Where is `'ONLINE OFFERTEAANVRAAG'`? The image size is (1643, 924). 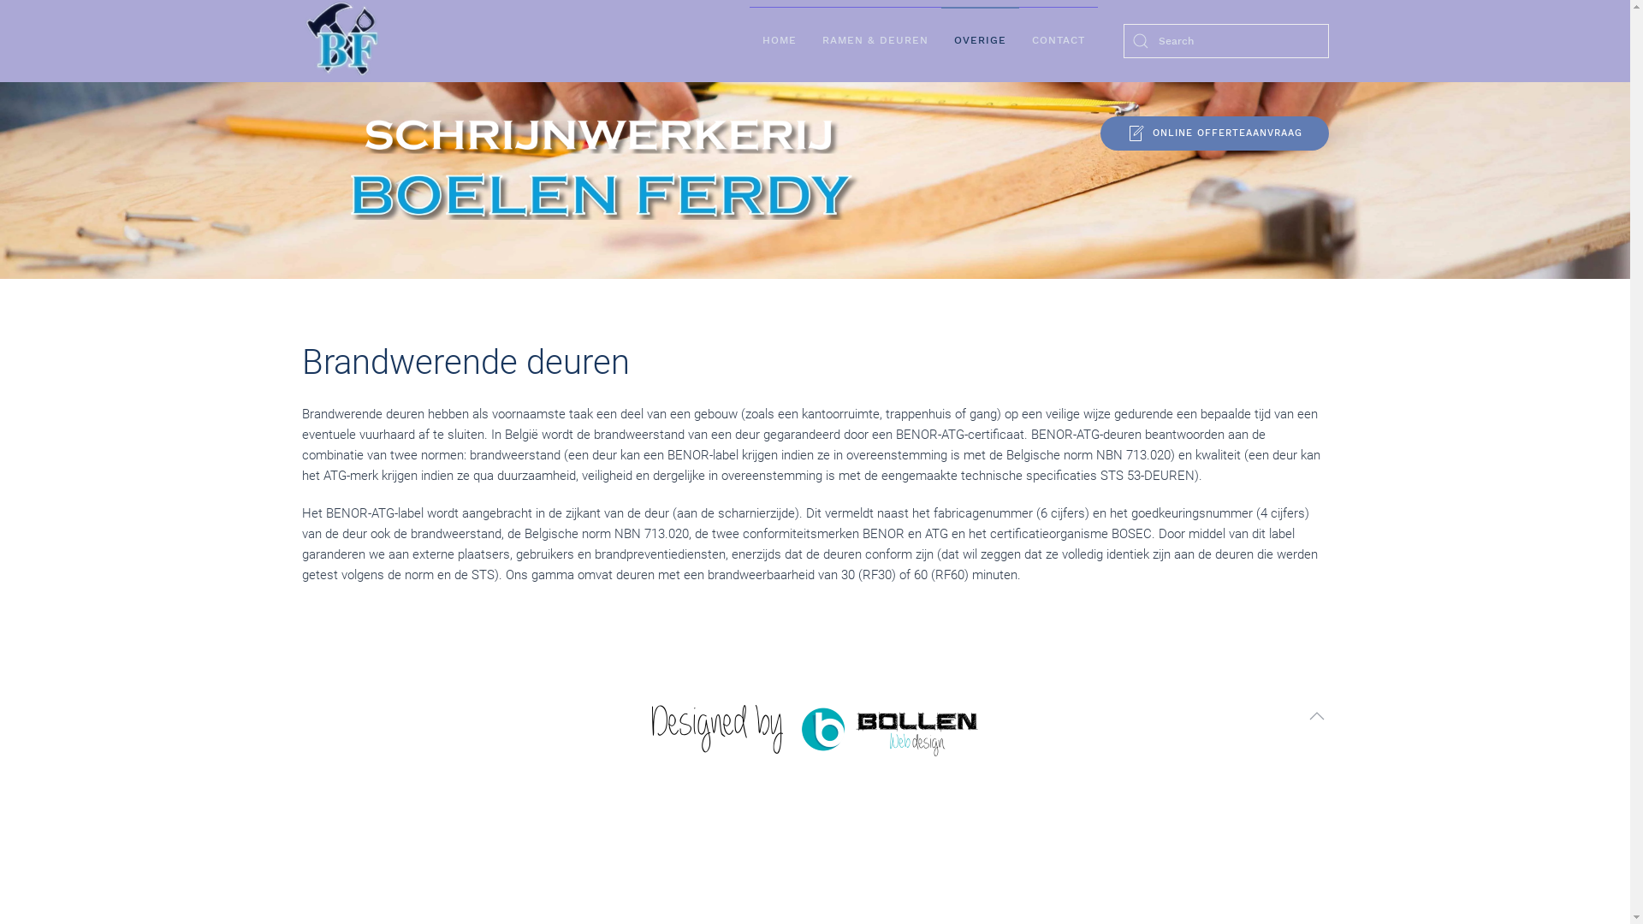 'ONLINE OFFERTEAANVRAAG' is located at coordinates (1213, 132).